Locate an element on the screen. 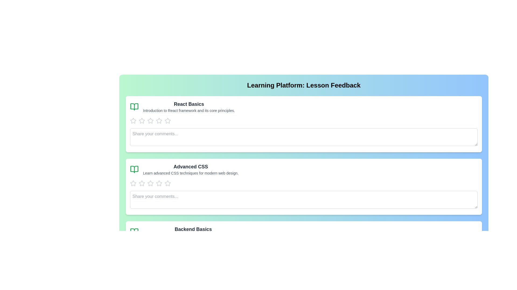 Image resolution: width=517 pixels, height=290 pixels. the third star icon in the rating component located below the title 'React Basics' is located at coordinates (167, 120).